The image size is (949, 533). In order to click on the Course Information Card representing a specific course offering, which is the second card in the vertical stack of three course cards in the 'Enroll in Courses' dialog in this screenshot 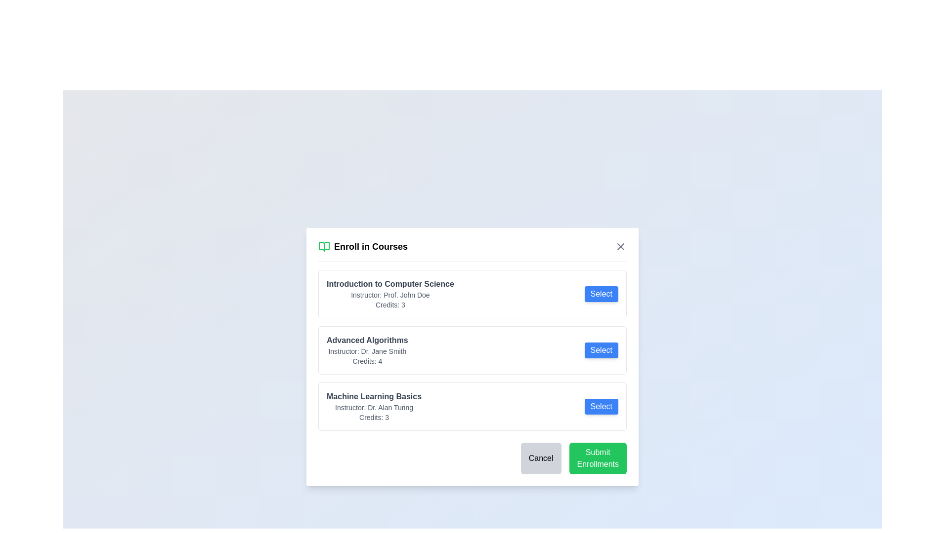, I will do `click(472, 349)`.